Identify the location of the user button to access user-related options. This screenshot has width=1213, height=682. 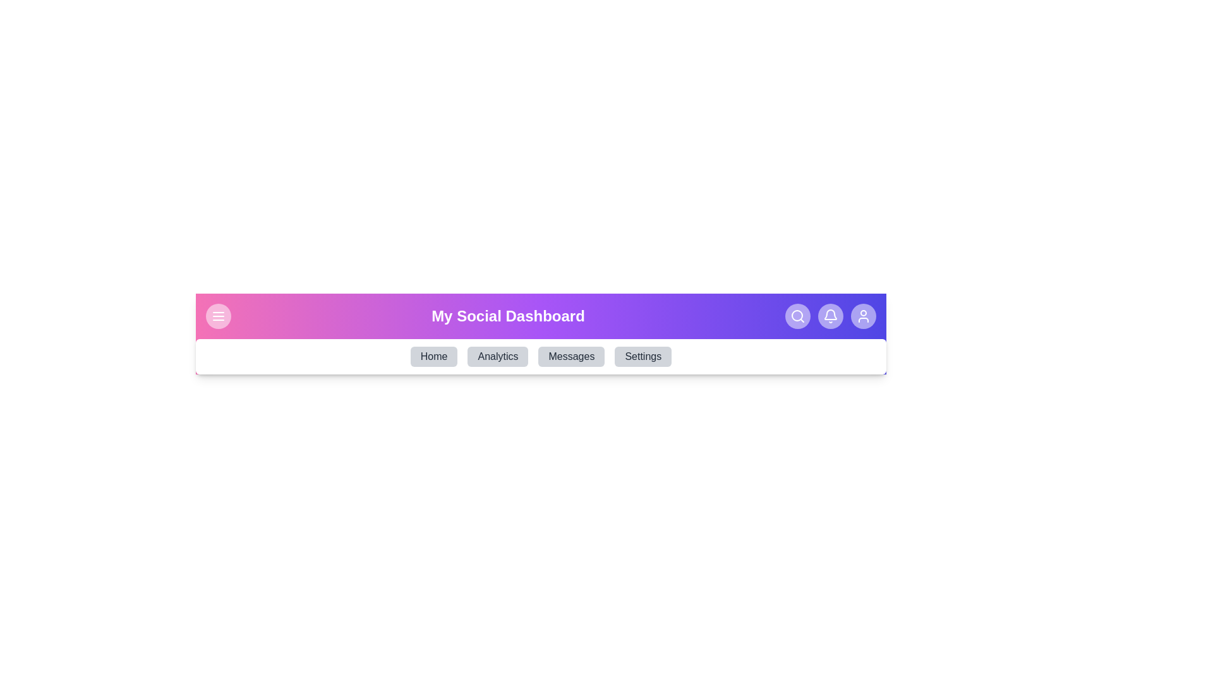
(863, 316).